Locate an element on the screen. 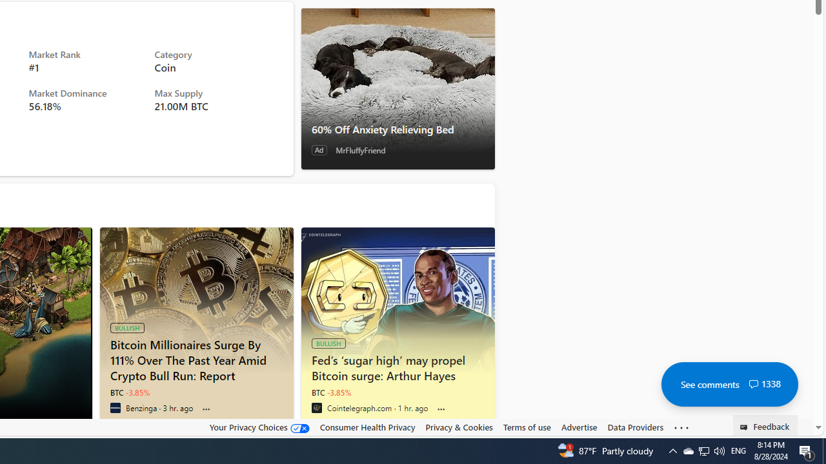 This screenshot has height=464, width=826. '60% Off Anxiety Relieving Bed' is located at coordinates (397, 88).